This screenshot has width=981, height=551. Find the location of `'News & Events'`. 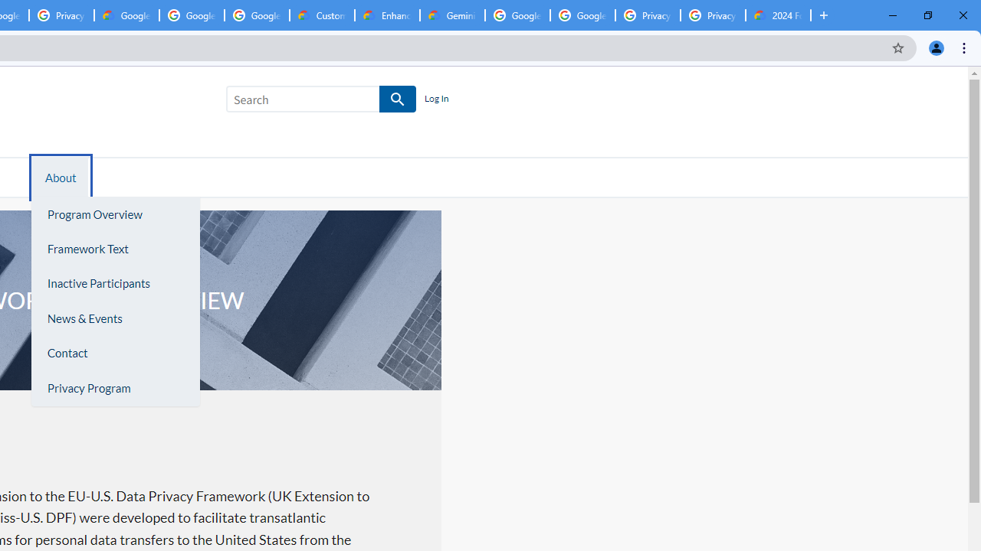

'News & Events' is located at coordinates (114, 318).